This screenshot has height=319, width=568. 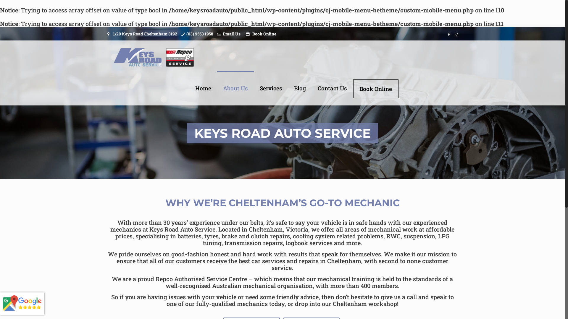 I want to click on 'Facebook', so click(x=449, y=34).